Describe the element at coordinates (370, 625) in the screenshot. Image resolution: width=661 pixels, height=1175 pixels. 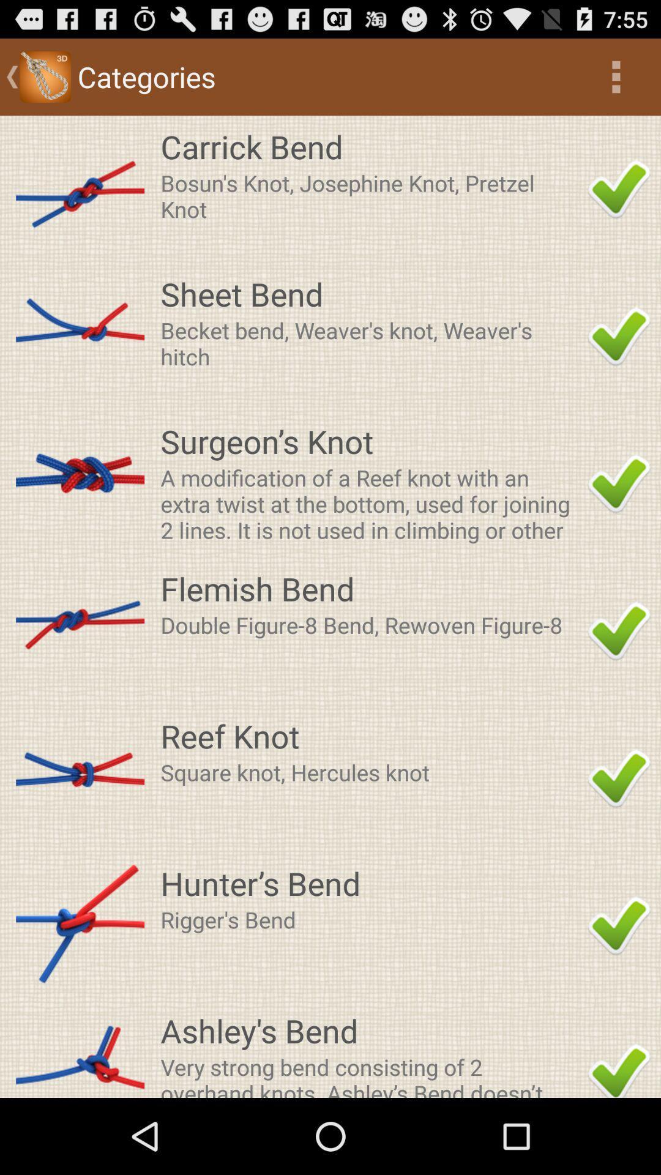
I see `double figure 8` at that location.